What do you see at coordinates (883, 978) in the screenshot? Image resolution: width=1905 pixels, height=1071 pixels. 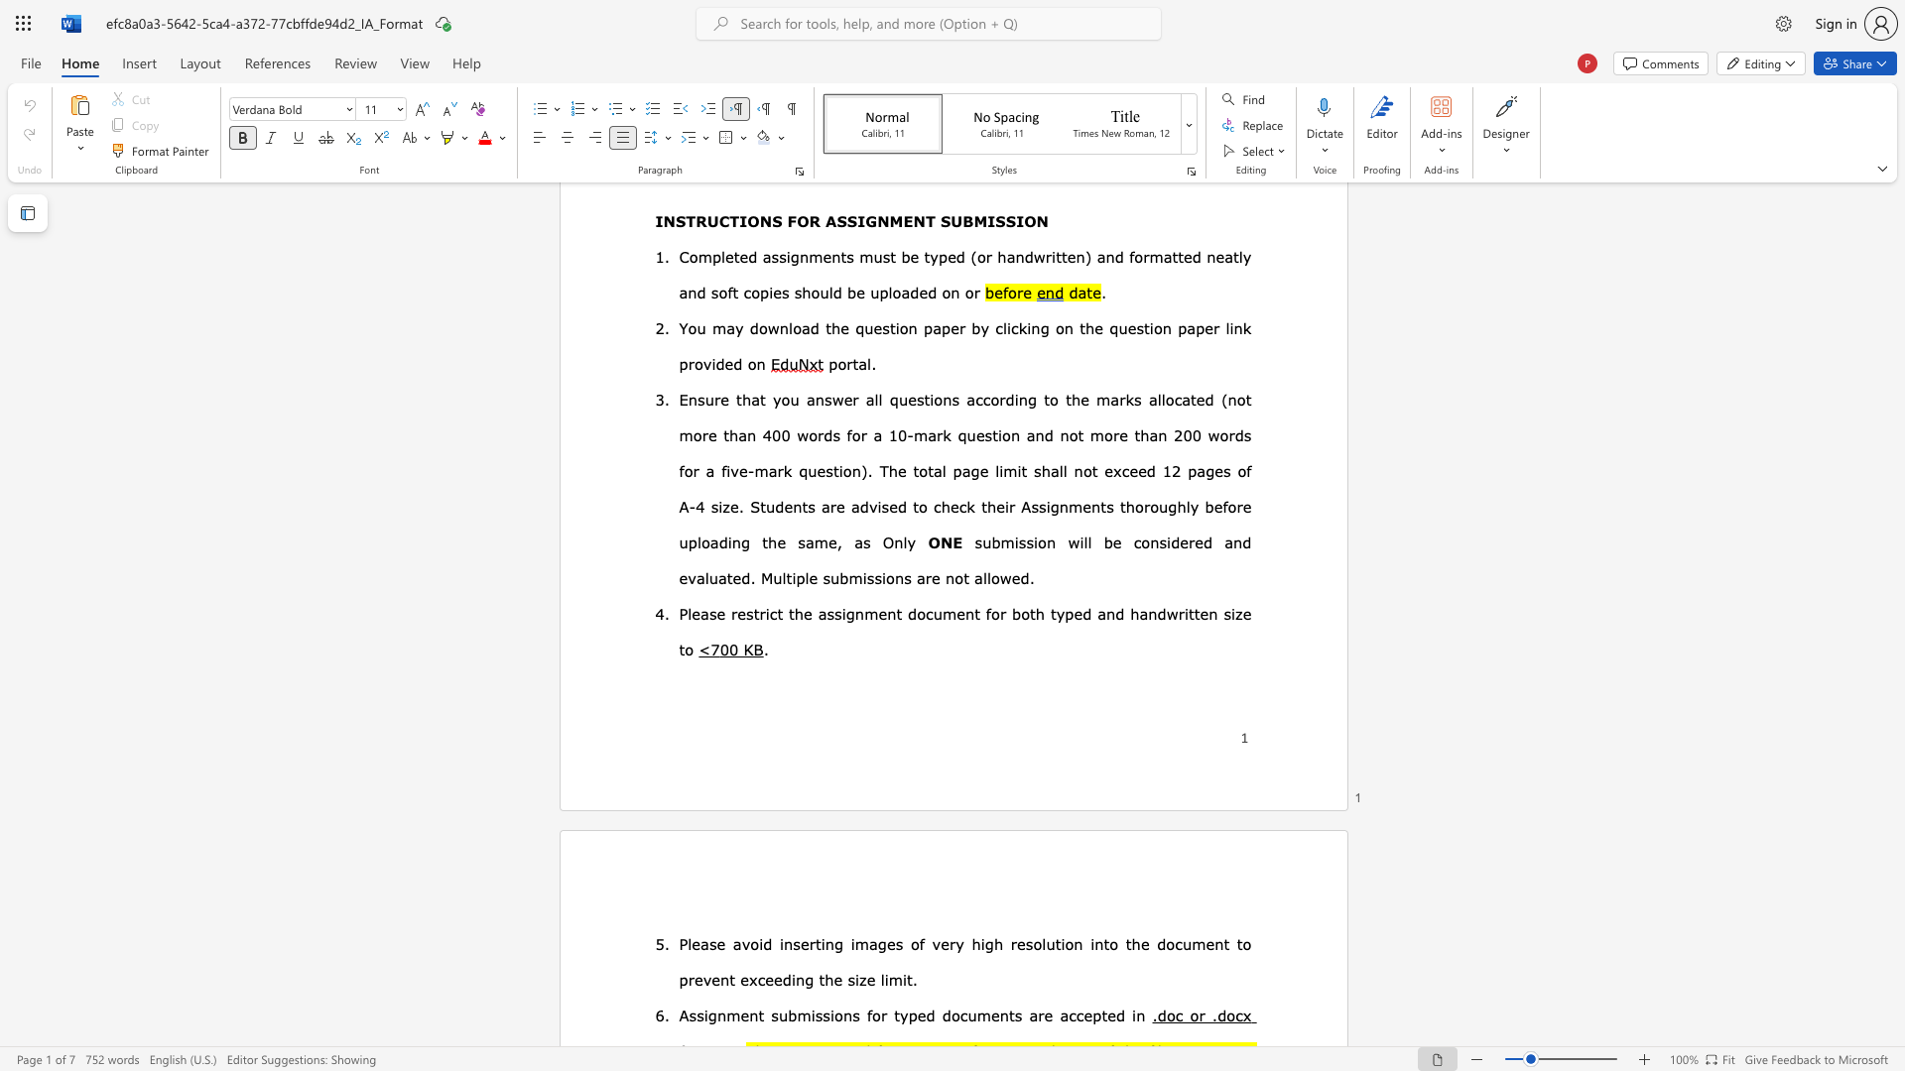 I see `the subset text "imi" within the text "the size limit."` at bounding box center [883, 978].